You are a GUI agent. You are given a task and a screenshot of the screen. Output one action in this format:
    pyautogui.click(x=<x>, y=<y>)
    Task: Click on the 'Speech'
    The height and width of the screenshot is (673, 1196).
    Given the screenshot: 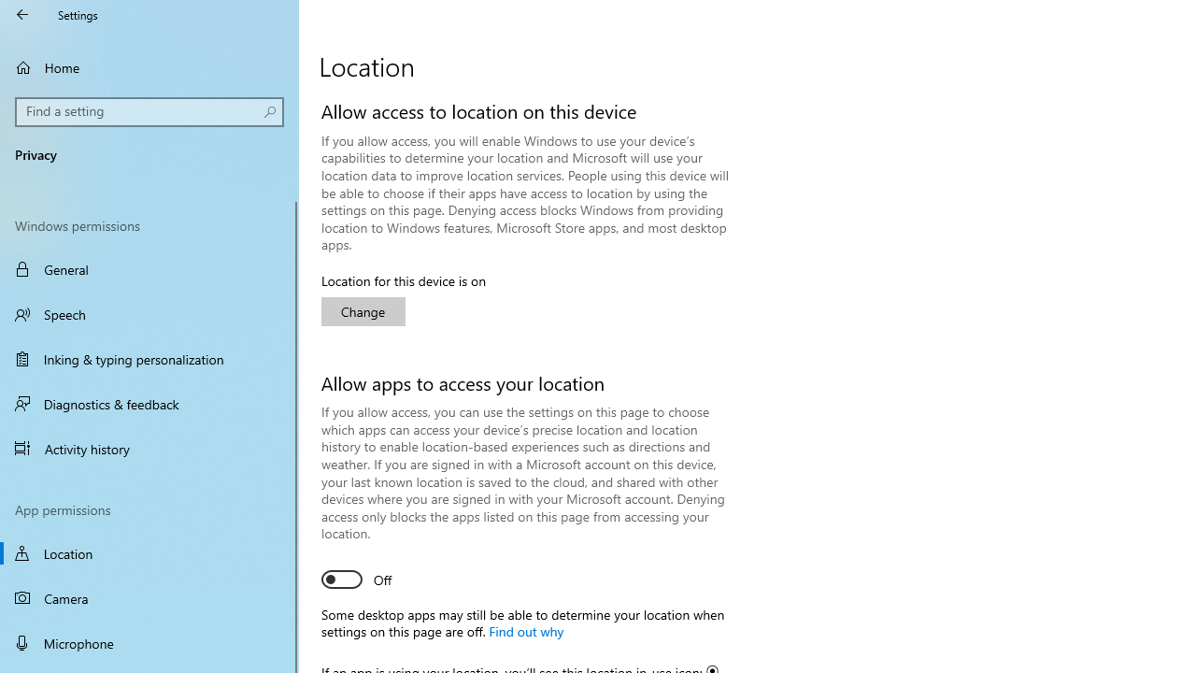 What is the action you would take?
    pyautogui.click(x=149, y=312)
    